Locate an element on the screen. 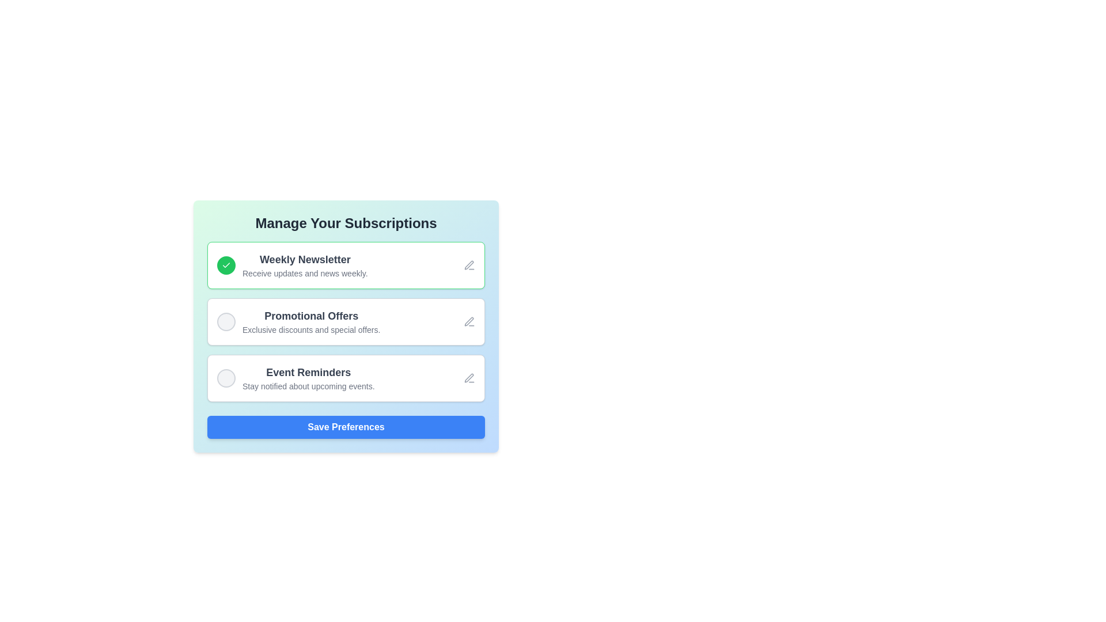 The height and width of the screenshot is (622, 1106). the edit icon button located at the top-right corner of the 'Weekly Newsletter' subscription box to initiate an edit action is located at coordinates (469, 266).